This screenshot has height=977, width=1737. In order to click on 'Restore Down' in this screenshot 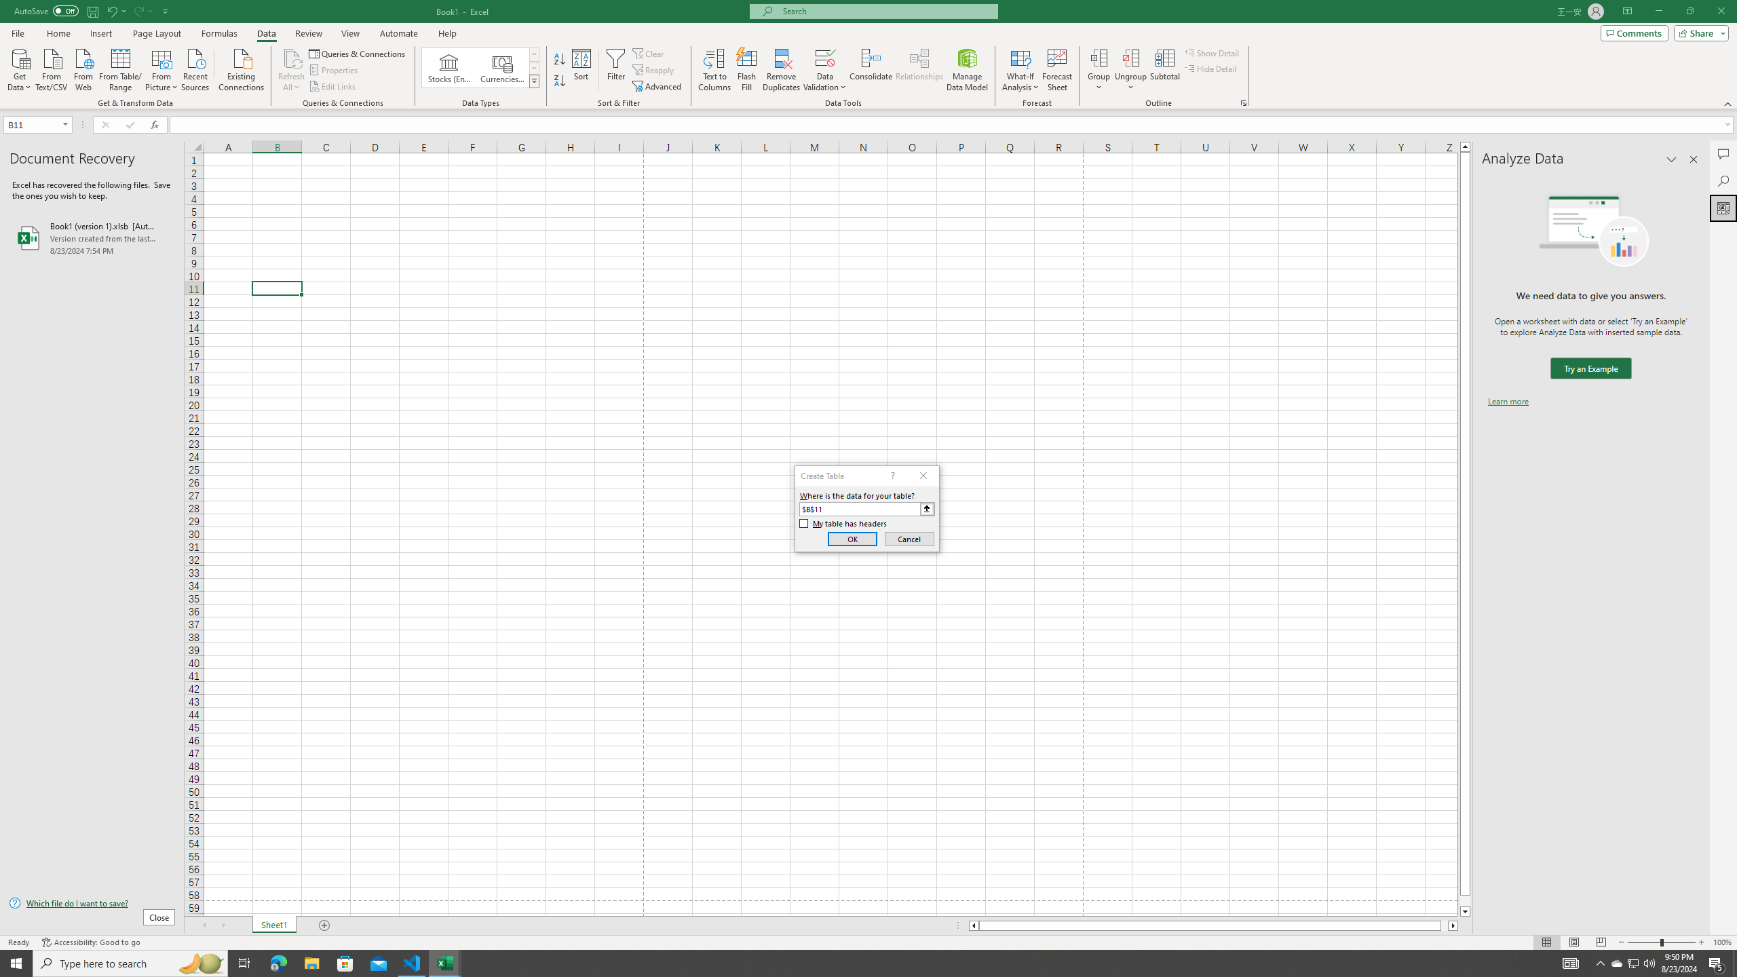, I will do `click(1690, 11)`.